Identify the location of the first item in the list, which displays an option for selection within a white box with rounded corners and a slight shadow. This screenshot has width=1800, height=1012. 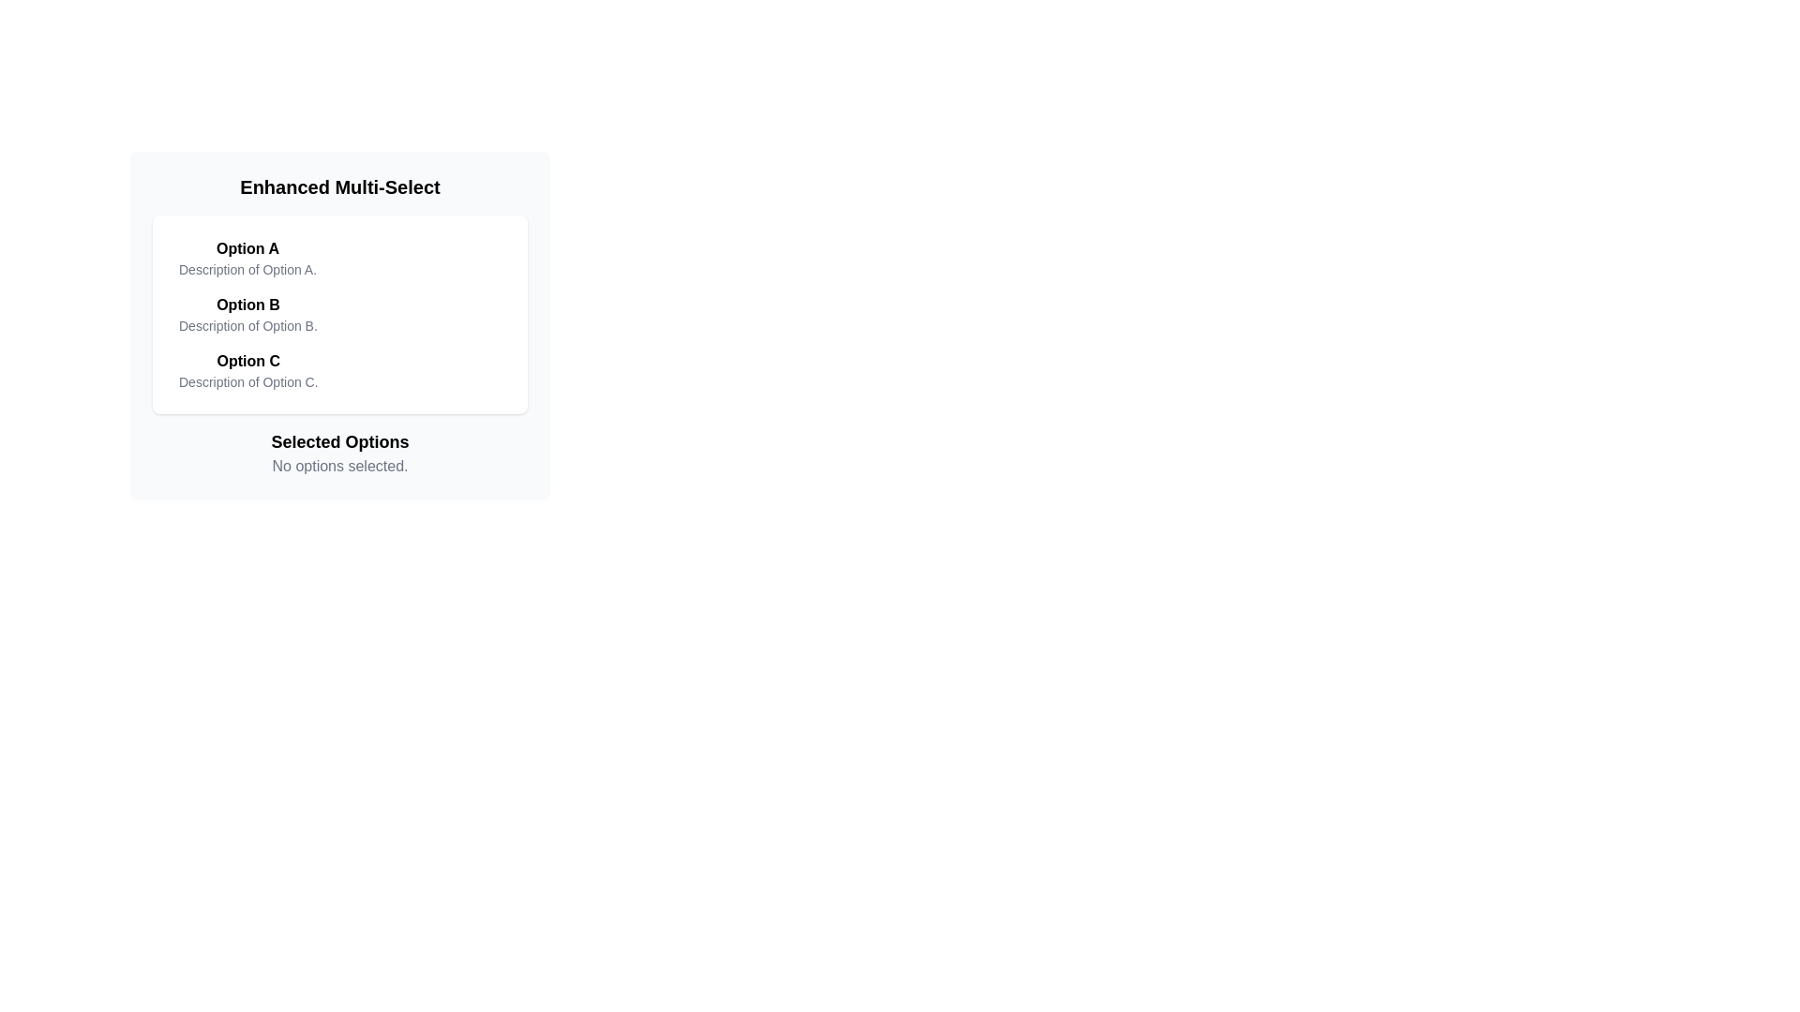
(340, 259).